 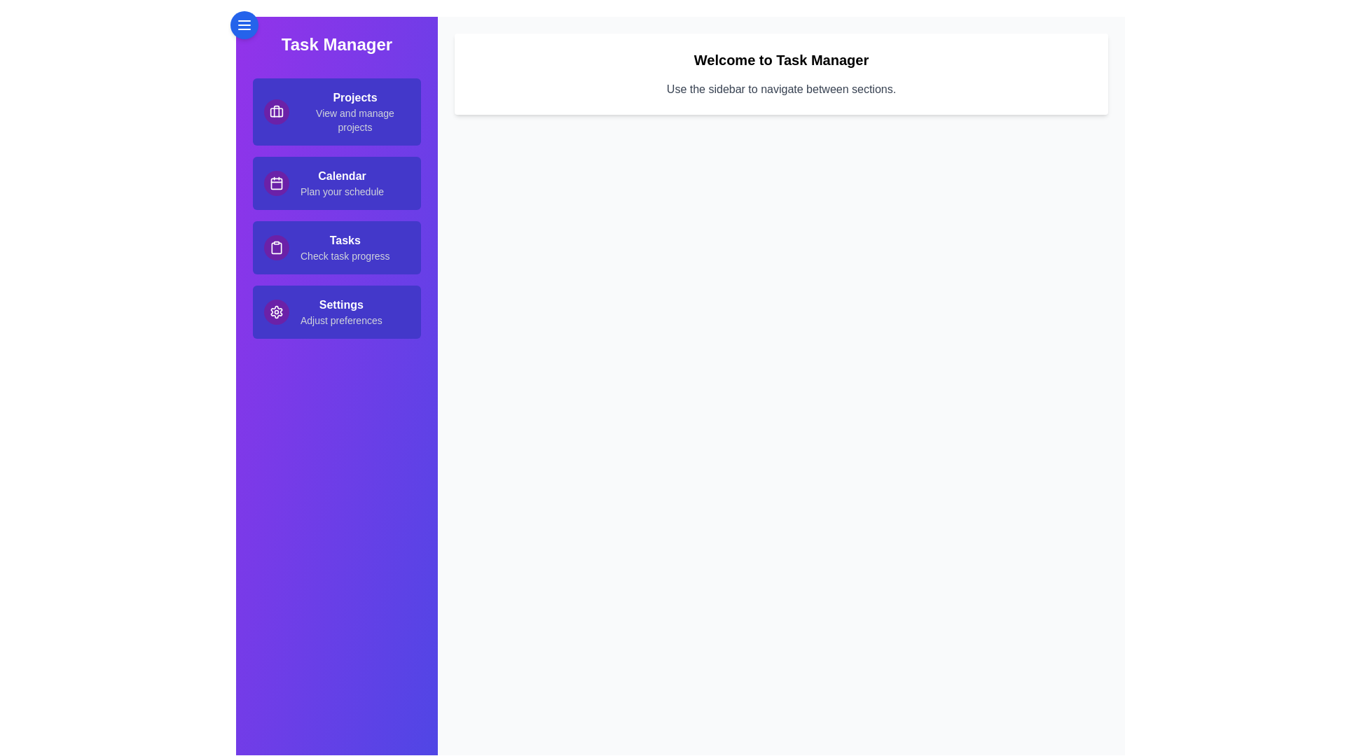 What do you see at coordinates (336, 311) in the screenshot?
I see `the sidebar item Settings to reveal its hover effect` at bounding box center [336, 311].